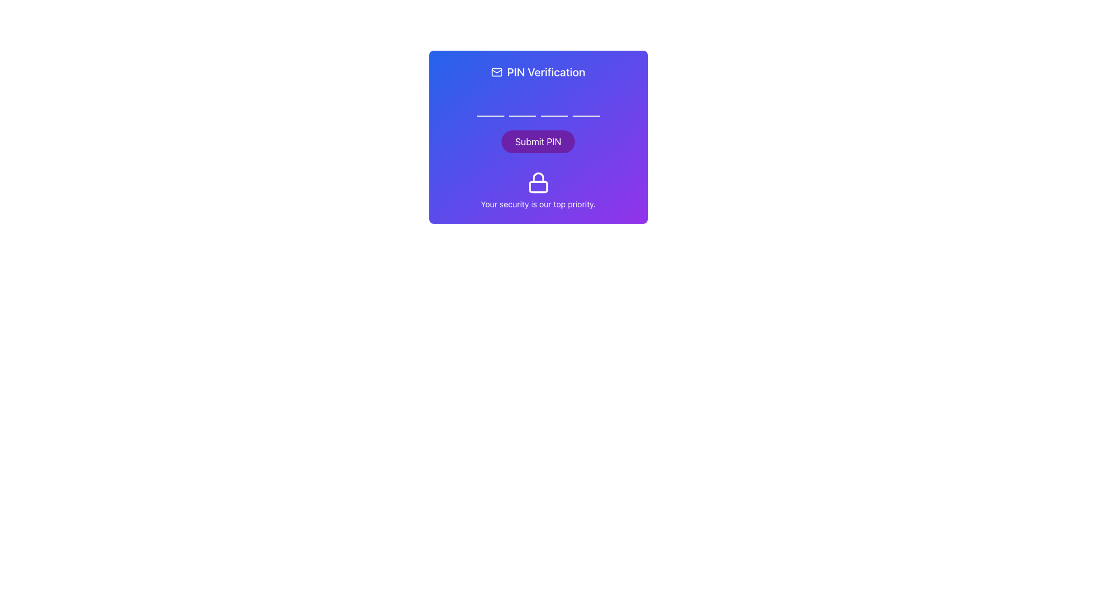  I want to click on the Informative section featuring a lock icon and the text 'Your security is our top priority.', so click(537, 190).